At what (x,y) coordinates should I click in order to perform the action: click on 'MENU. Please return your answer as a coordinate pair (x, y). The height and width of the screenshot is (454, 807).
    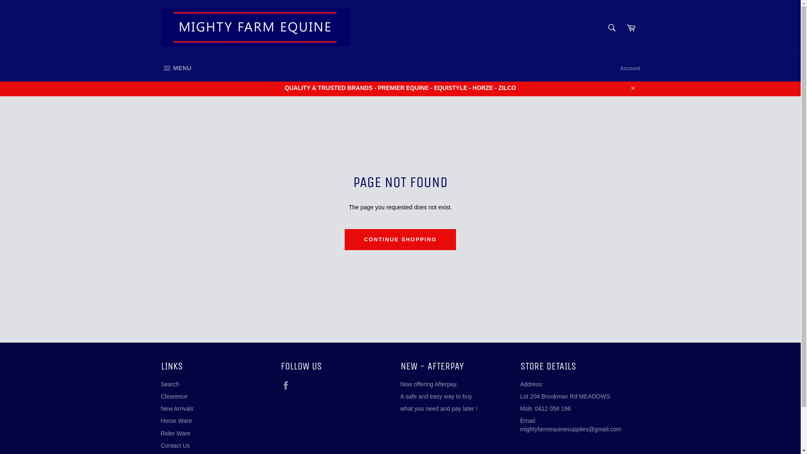
    Looking at the image, I should click on (152, 68).